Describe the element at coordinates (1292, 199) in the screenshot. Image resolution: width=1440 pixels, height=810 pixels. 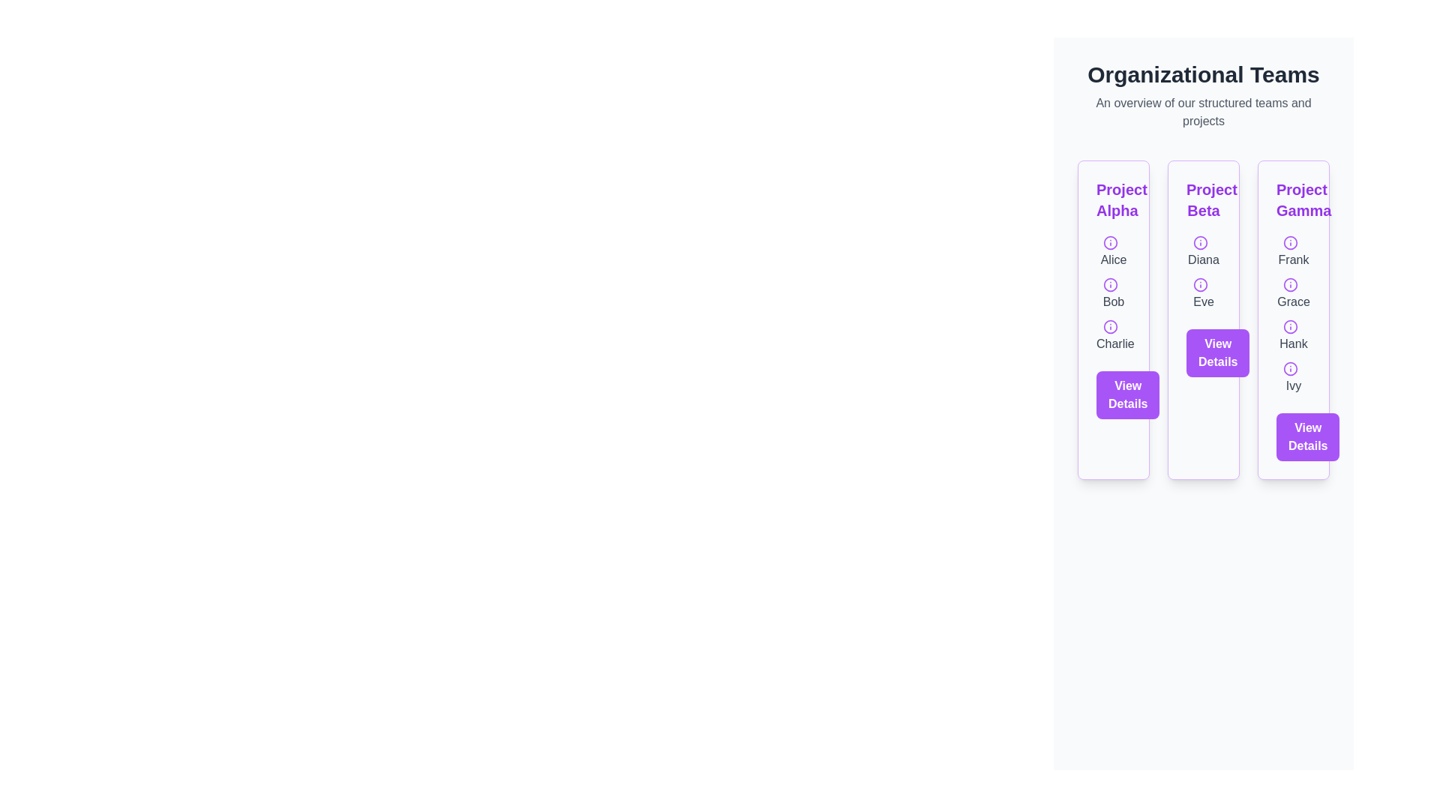
I see `the static text label identifying the card as 'Project Gamma', which is positioned at the top of the card in the rightmost column of the grid layout` at that location.